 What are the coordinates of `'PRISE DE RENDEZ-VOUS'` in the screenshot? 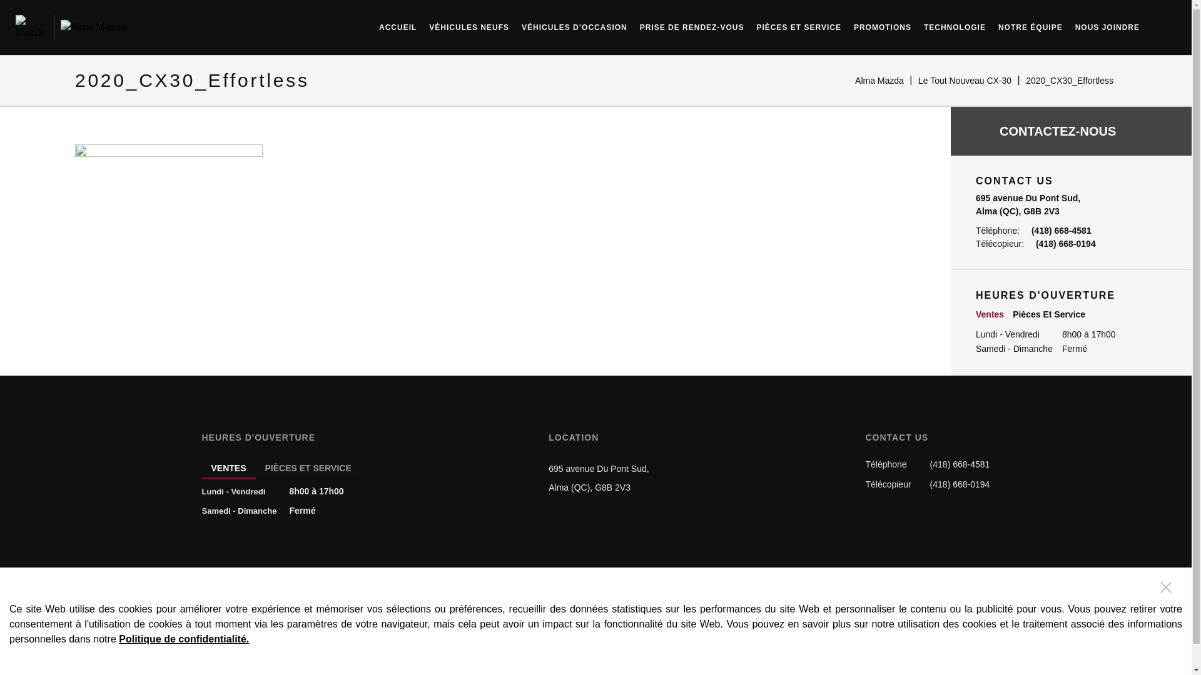 It's located at (691, 25).